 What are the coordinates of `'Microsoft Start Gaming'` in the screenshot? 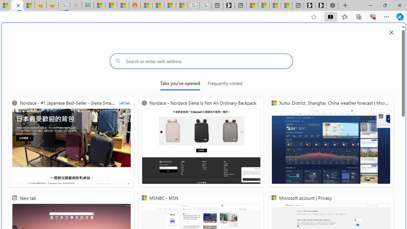 It's located at (229, 5).